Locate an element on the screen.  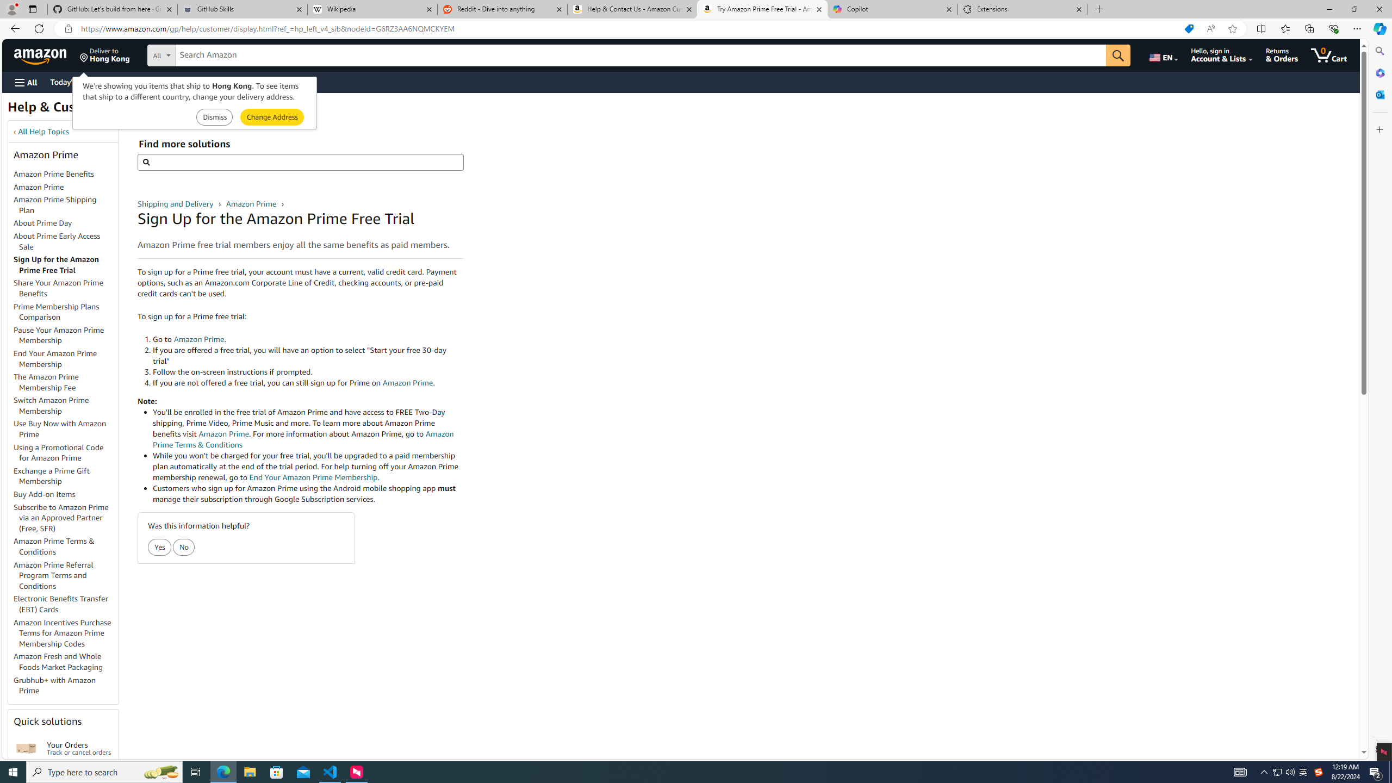
'Microsoft 365' is located at coordinates (1378, 73).